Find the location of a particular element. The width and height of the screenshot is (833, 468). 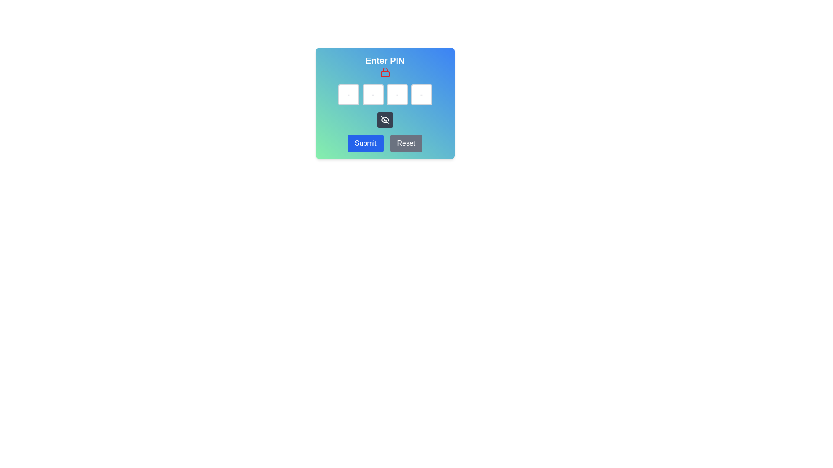

the second password input field to focus it for entering a PIN code is located at coordinates (373, 94).